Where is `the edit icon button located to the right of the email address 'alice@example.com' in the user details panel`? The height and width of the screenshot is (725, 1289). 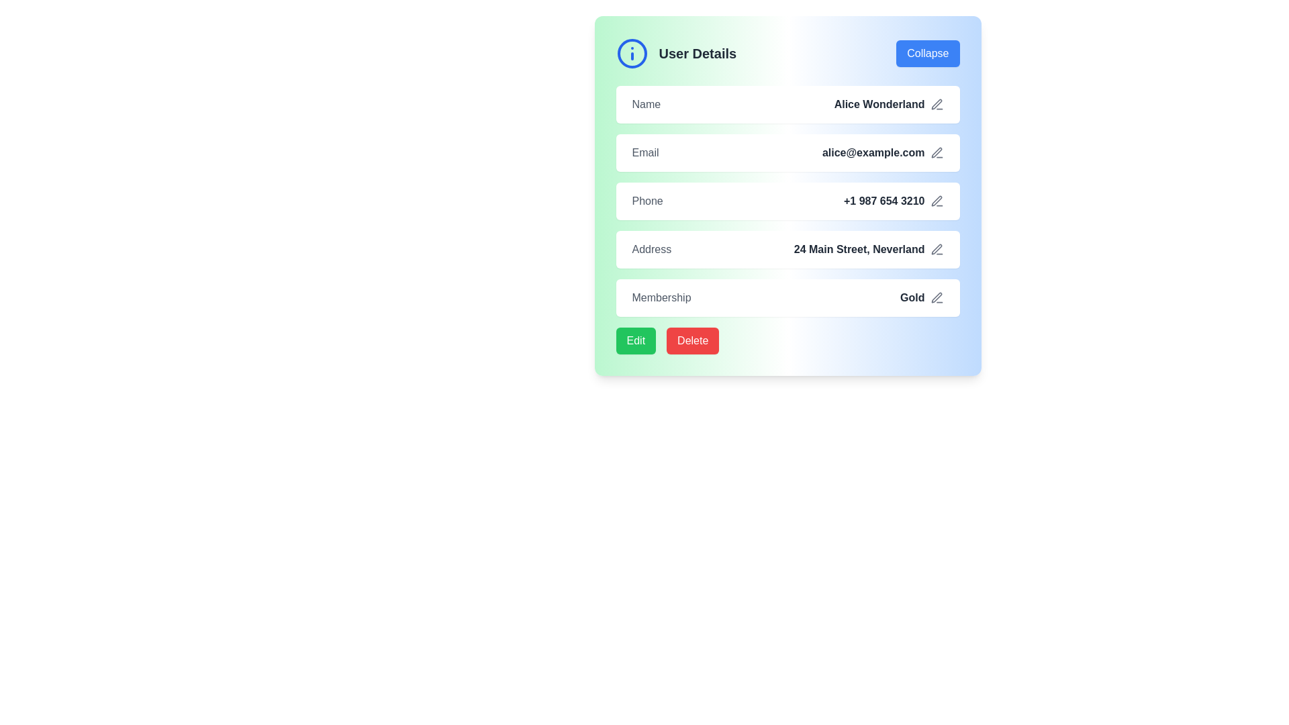 the edit icon button located to the right of the email address 'alice@example.com' in the user details panel is located at coordinates (936, 152).